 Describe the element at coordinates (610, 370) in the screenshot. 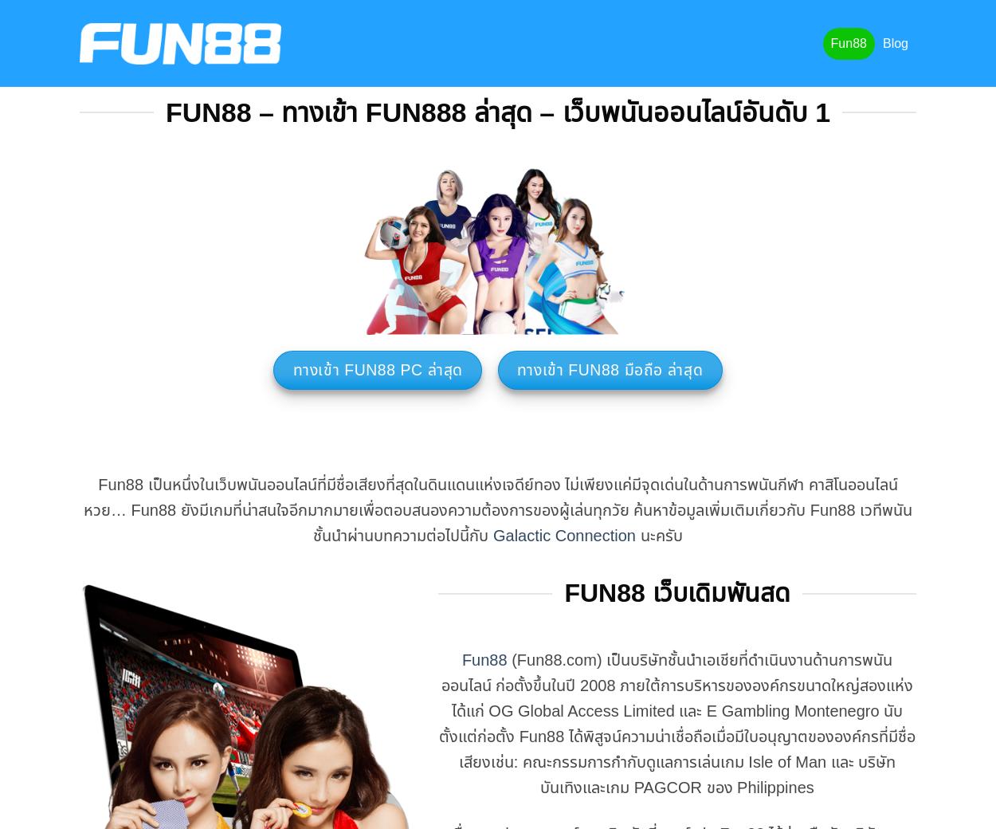

I see `'ทางเข้า Fun88 มือถือ ล่าสุด'` at that location.